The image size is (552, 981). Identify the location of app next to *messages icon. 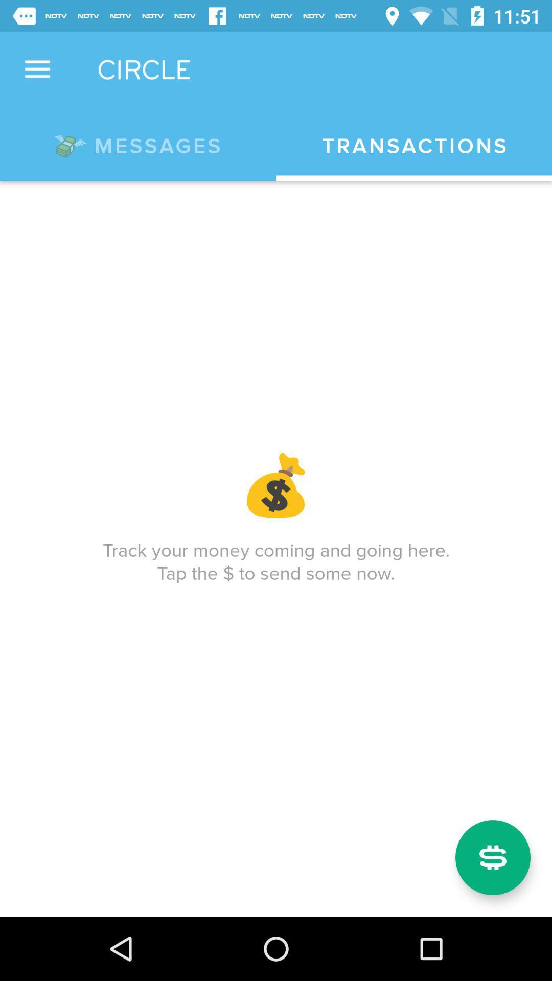
(414, 146).